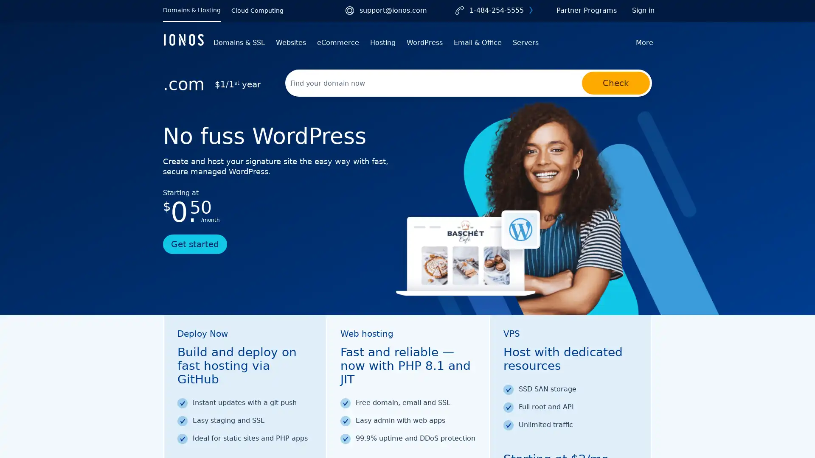 The image size is (815, 458). I want to click on Check, so click(615, 83).